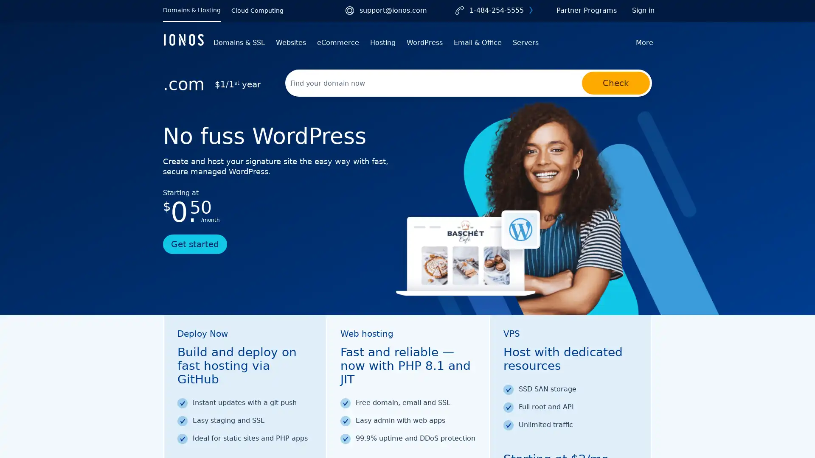 The image size is (815, 458). I want to click on Check, so click(615, 83).